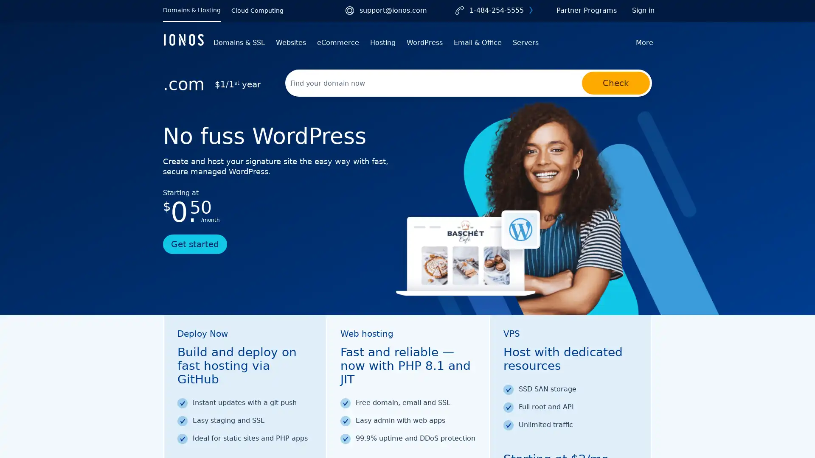 The image size is (815, 458). I want to click on Check, so click(615, 83).